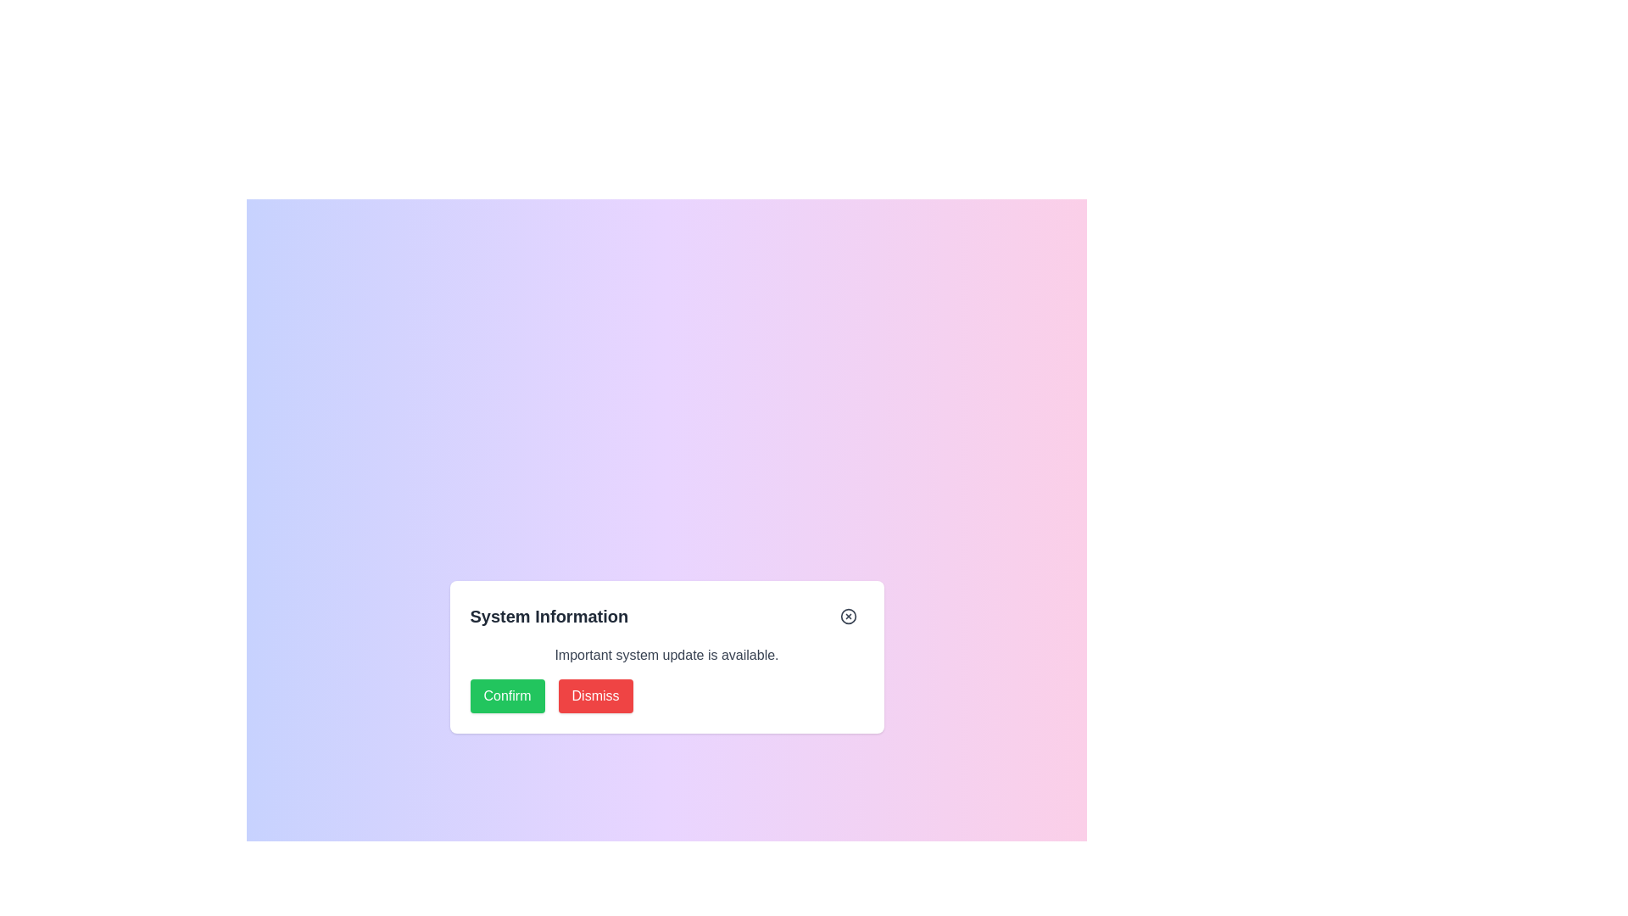 The width and height of the screenshot is (1628, 916). Describe the element at coordinates (666, 656) in the screenshot. I see `message from the 'System Information' modal dialog that states 'Important system update is available.'` at that location.